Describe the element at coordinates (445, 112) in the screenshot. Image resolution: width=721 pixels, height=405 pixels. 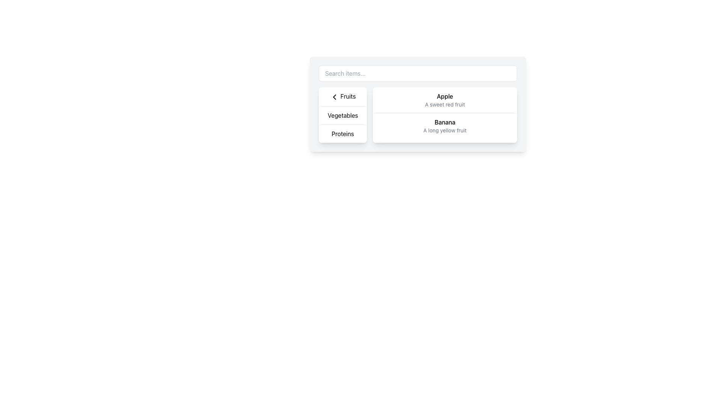
I see `the List section containing categorized entries, which includes 'Apple' and 'Banana' titles with their respective descriptions, located within the dropdown menu under the 'Fruits' category` at that location.